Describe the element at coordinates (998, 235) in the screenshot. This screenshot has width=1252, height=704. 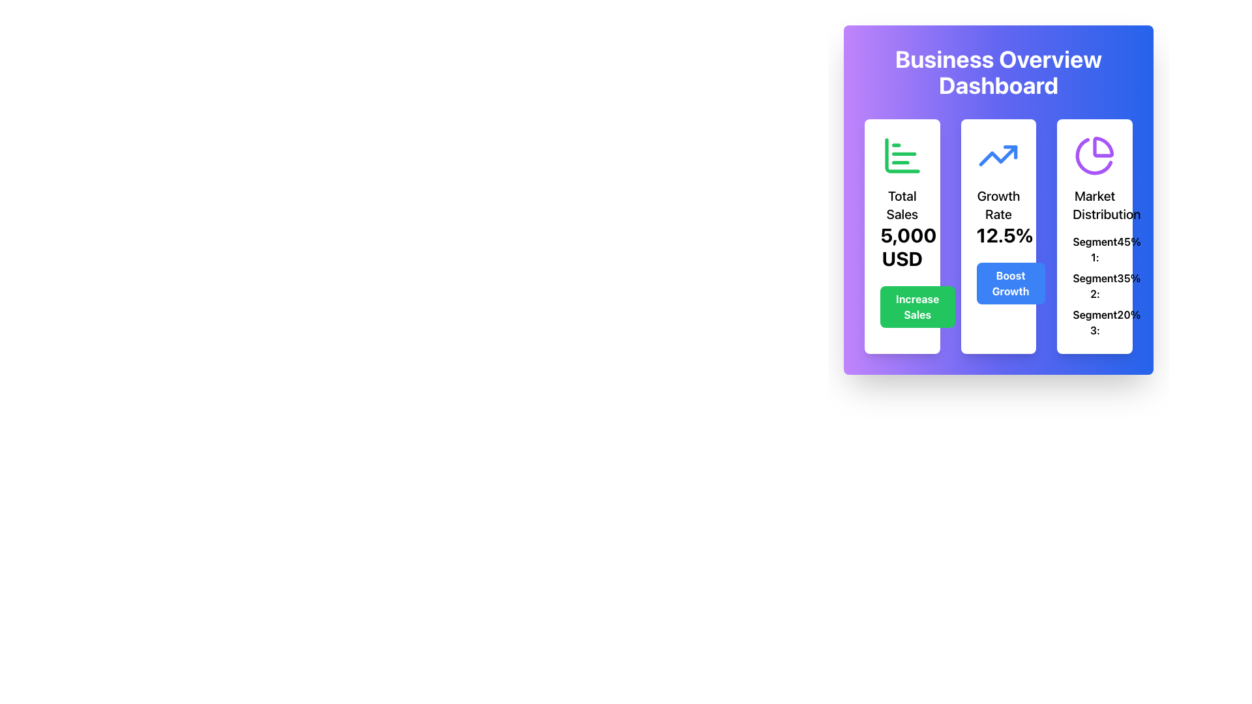
I see `the Text Display that shows '12.5%' in bold, large black font, positioned below 'Growth Rate' and above the 'Boost Growth' button` at that location.